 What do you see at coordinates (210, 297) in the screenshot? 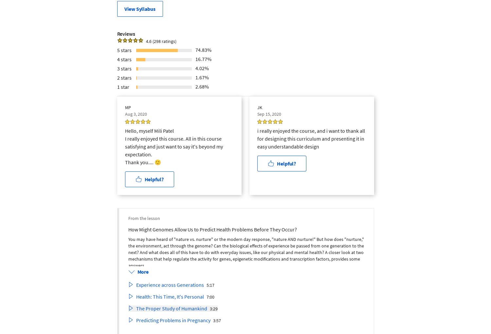
I see `'7:00'` at bounding box center [210, 297].